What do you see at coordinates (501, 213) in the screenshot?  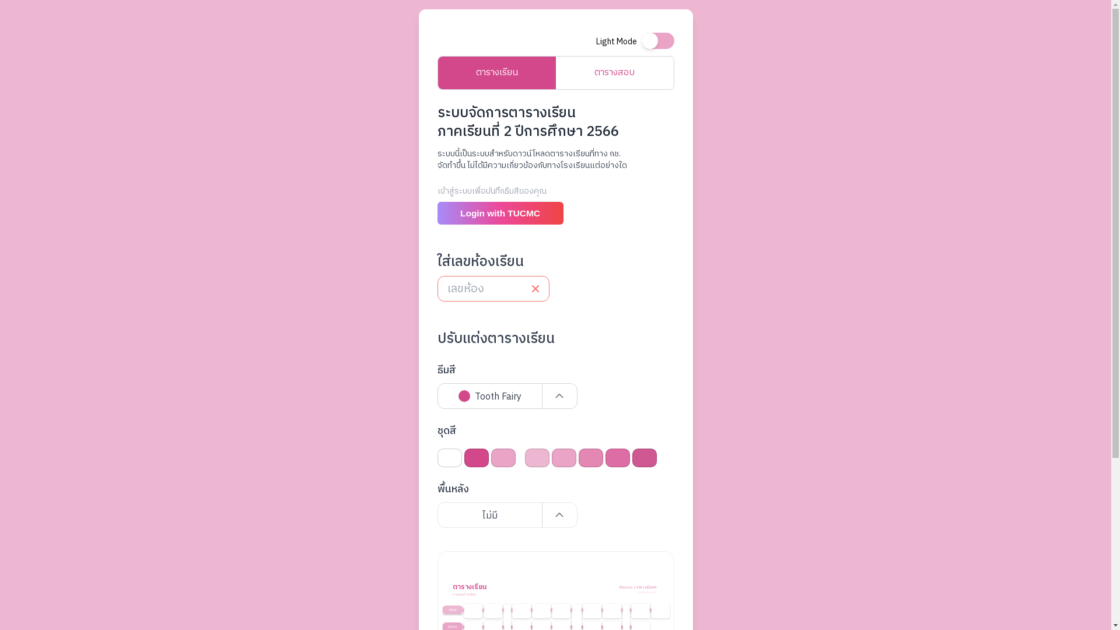 I see `'Login with TUCMC'` at bounding box center [501, 213].